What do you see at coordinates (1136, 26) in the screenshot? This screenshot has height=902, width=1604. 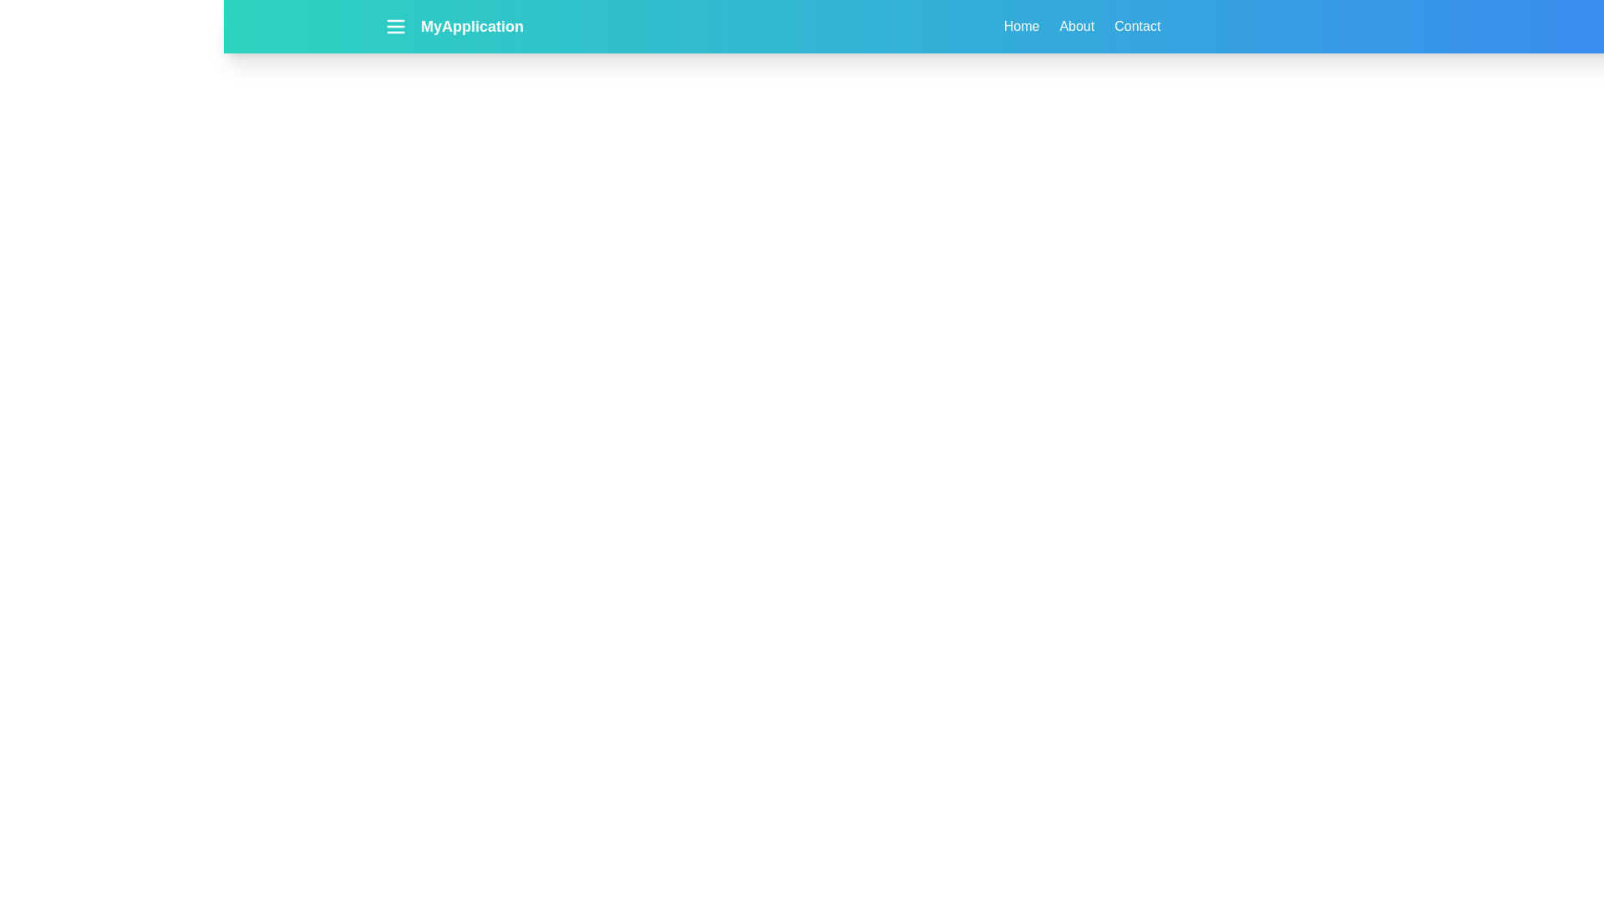 I see `the 'Contact' link in the navigation bar` at bounding box center [1136, 26].